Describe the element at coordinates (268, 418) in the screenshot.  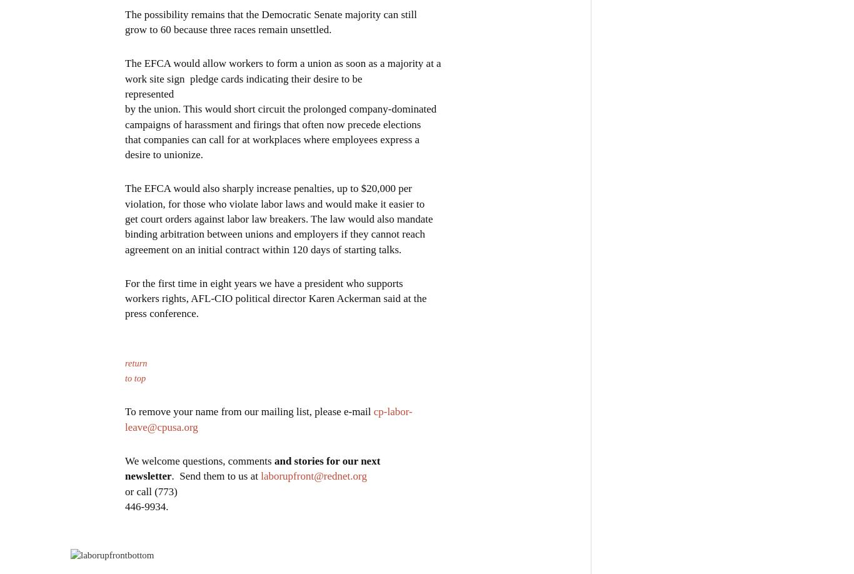
I see `'cp-labor-leave@cpusa.org'` at that location.